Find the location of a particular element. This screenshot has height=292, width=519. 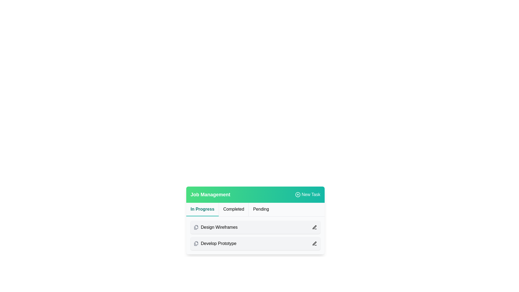

the button located on the right side of the 'Job Management' header is located at coordinates (308, 195).